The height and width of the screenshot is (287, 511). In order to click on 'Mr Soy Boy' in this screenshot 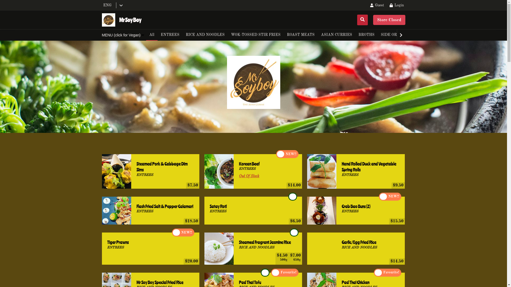, I will do `click(121, 19)`.